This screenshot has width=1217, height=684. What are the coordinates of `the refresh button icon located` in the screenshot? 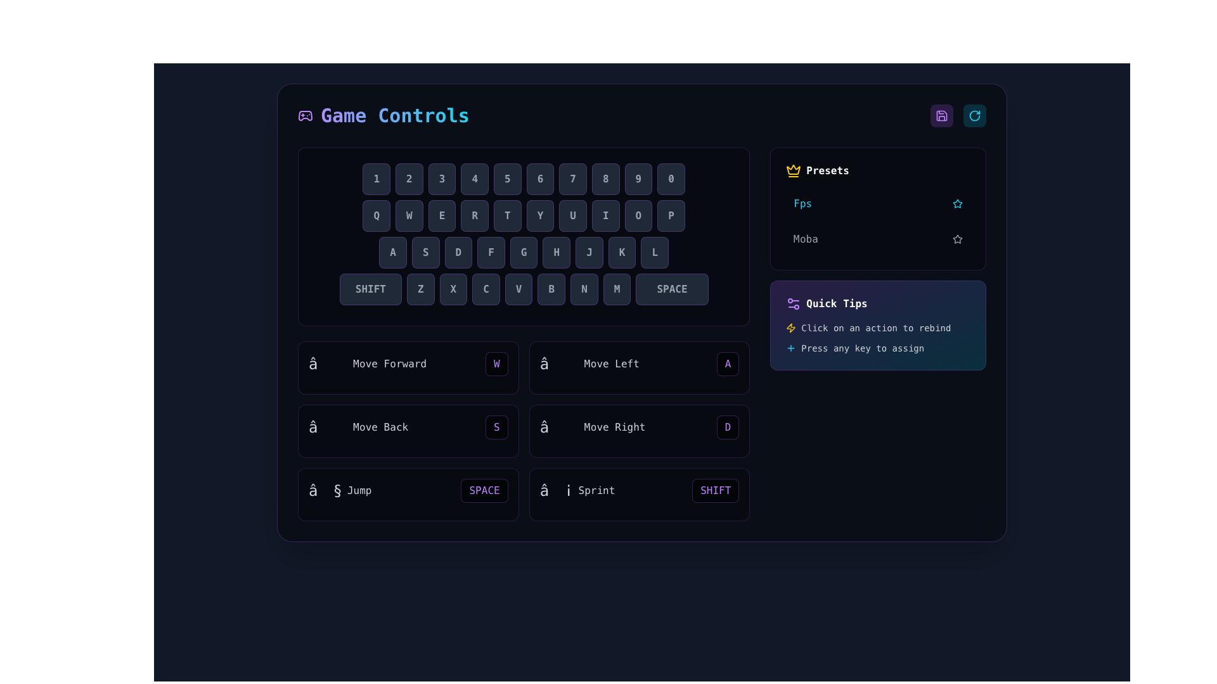 It's located at (974, 115).